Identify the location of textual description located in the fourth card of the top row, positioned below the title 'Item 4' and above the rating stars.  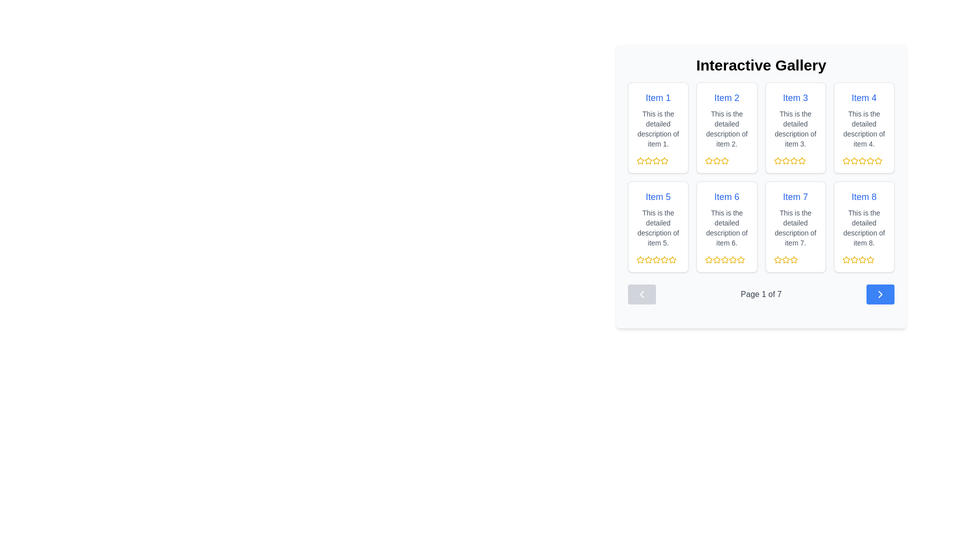
(863, 128).